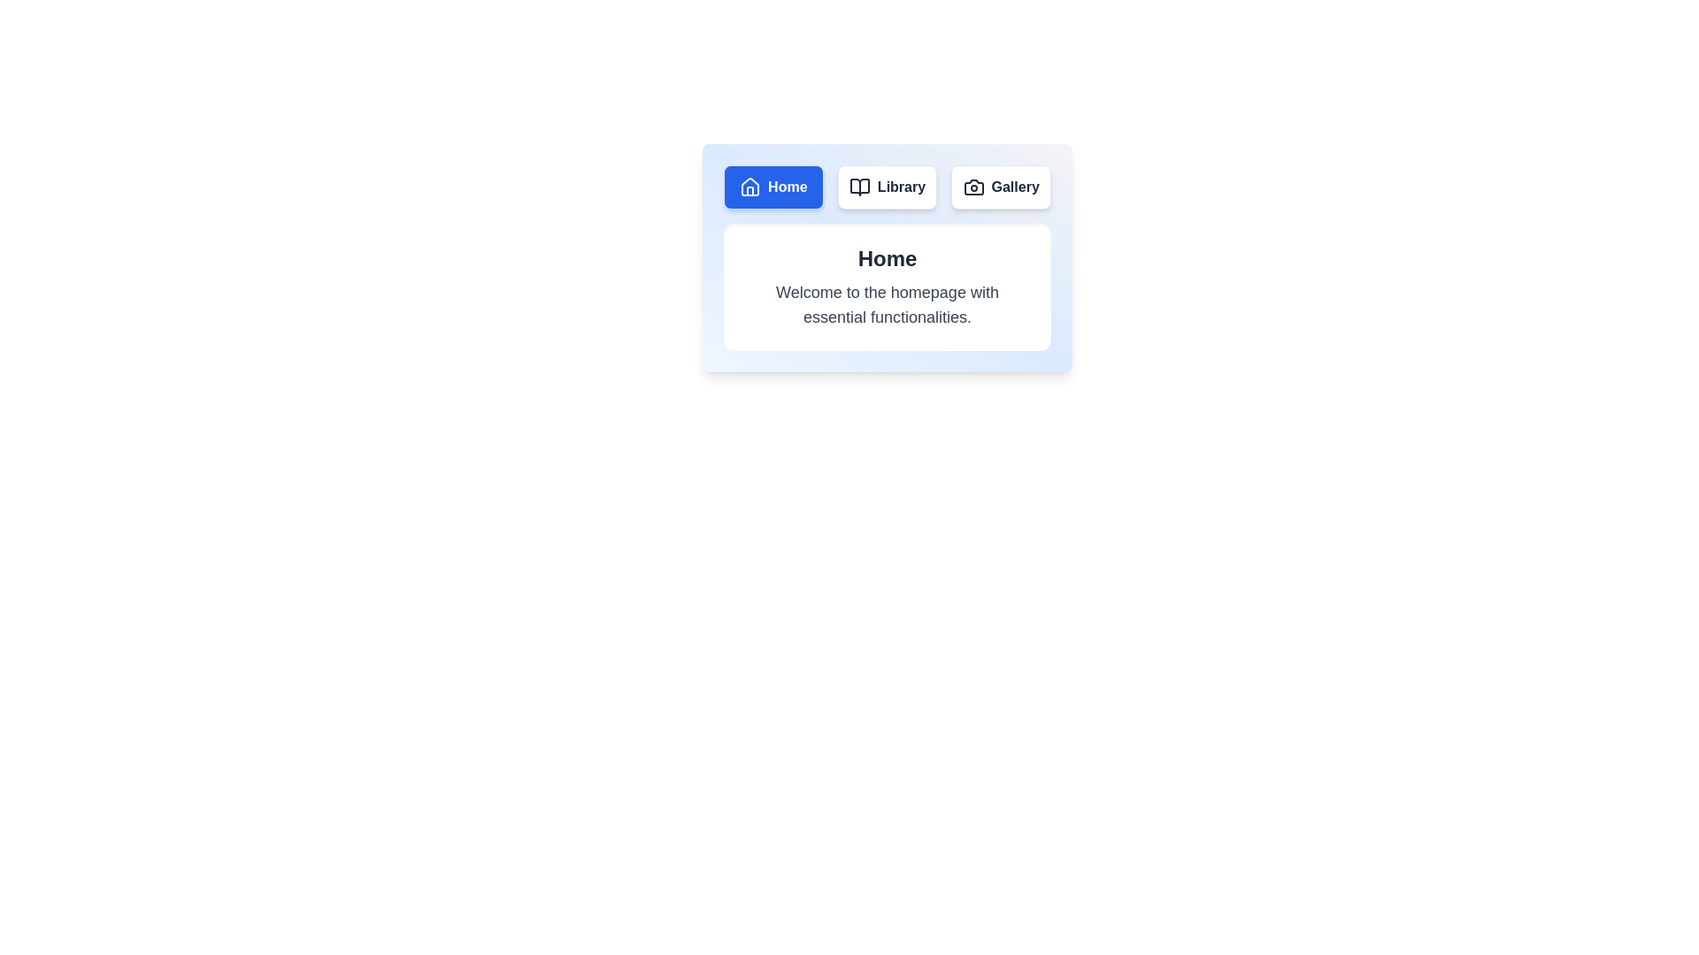 This screenshot has height=955, width=1699. I want to click on the Library tab to display its content, so click(888, 187).